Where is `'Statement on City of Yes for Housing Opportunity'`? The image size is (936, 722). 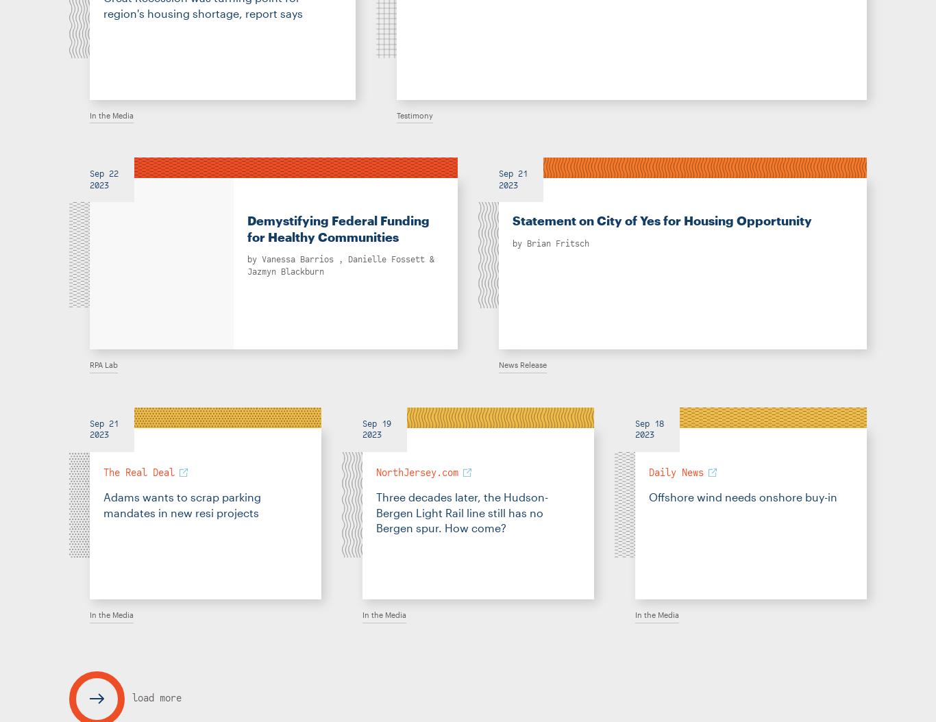 'Statement on City of Yes for Housing Opportunity' is located at coordinates (662, 220).